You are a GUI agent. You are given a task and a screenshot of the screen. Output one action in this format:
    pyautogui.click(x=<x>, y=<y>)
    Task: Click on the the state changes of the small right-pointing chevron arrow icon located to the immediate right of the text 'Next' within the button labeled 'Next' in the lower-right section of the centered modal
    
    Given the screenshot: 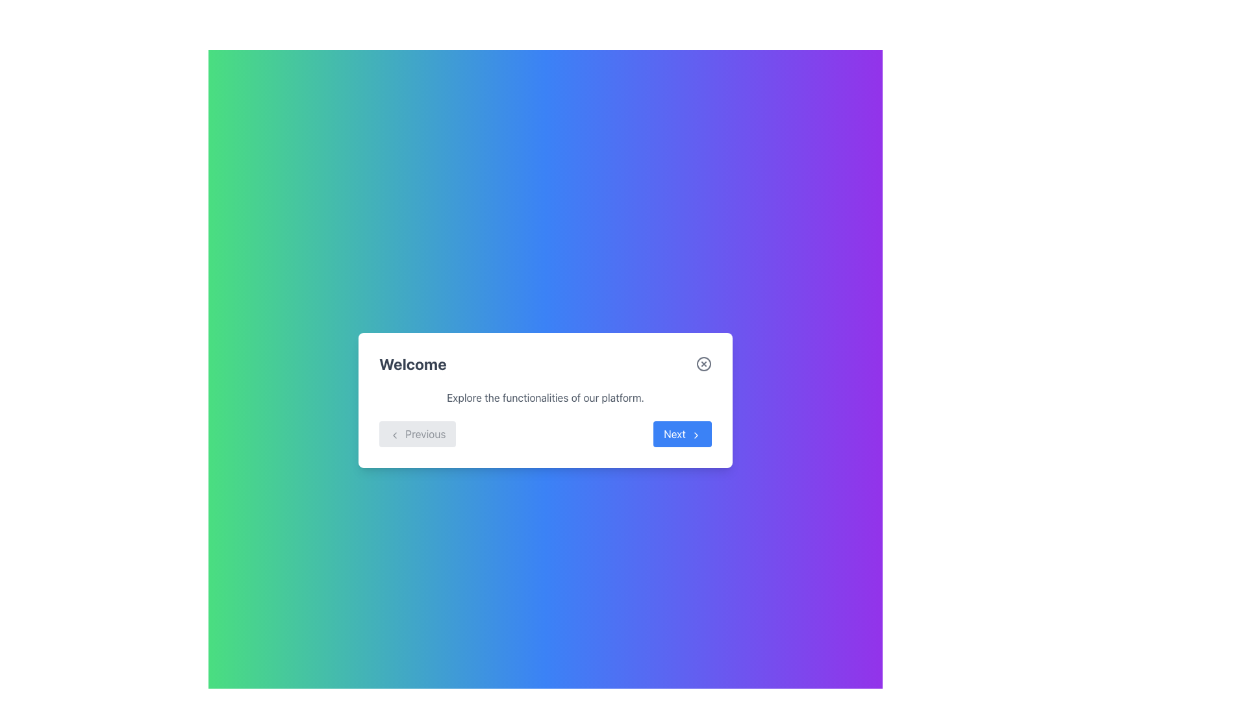 What is the action you would take?
    pyautogui.click(x=695, y=435)
    